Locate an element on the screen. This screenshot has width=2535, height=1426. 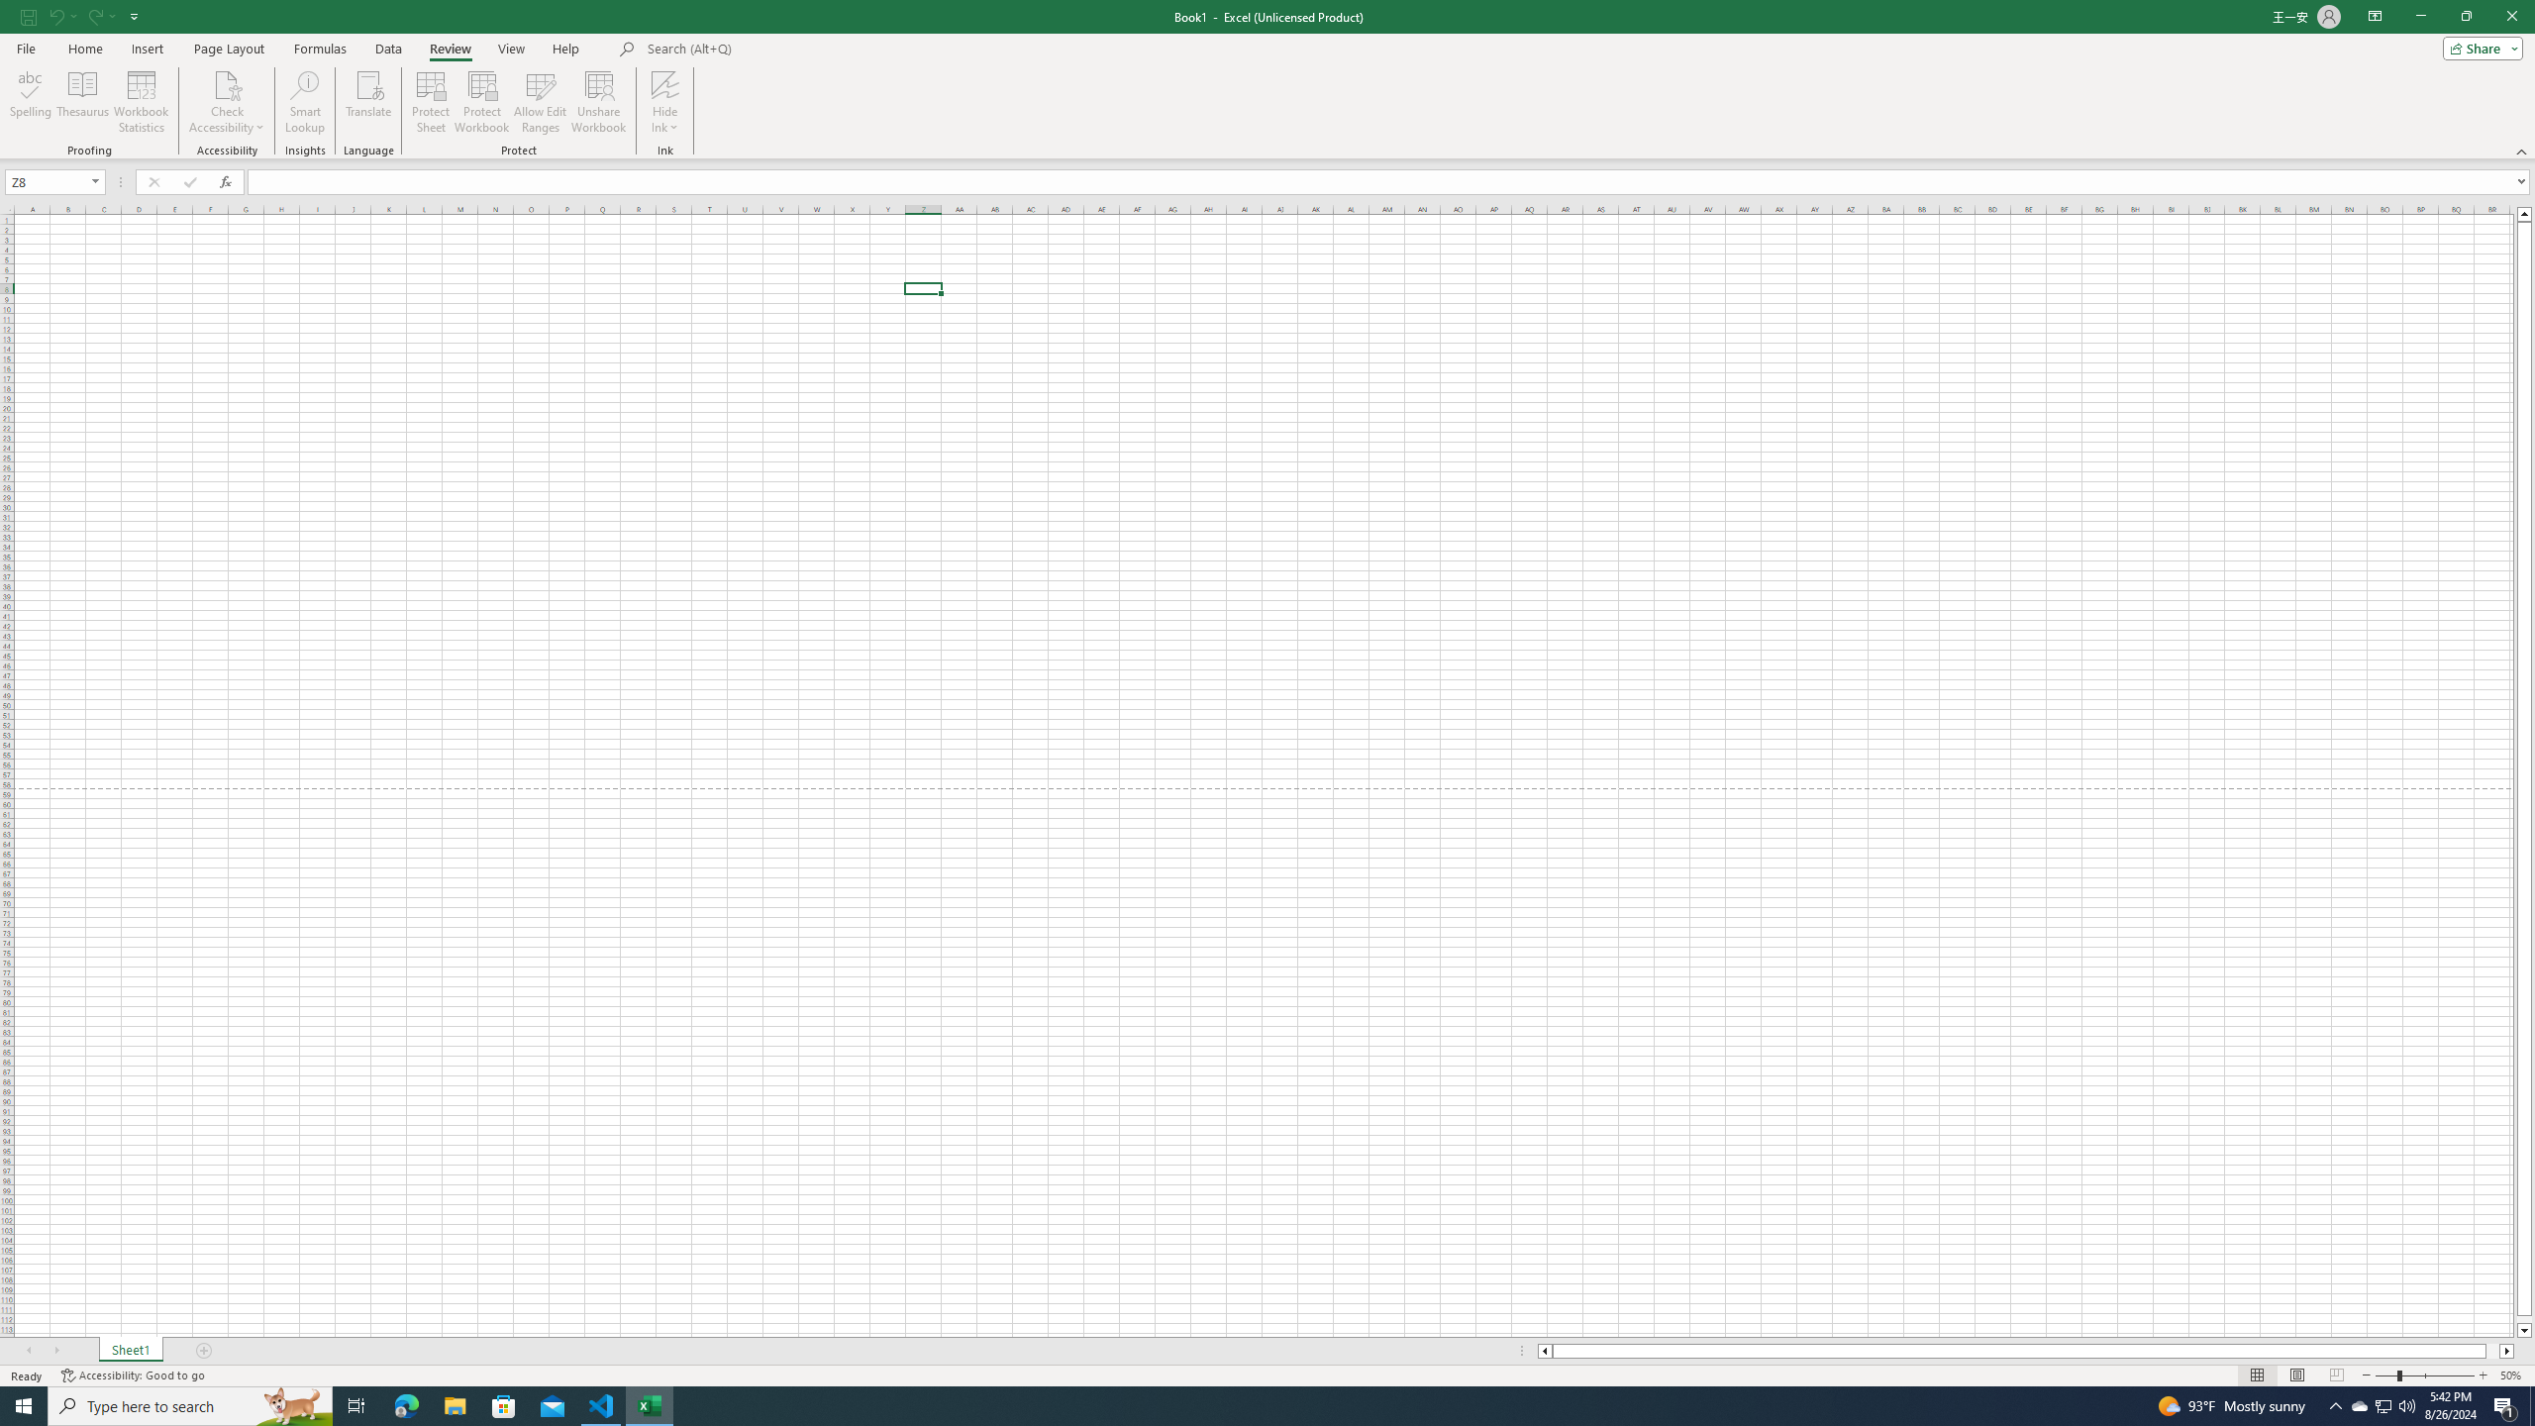
'Workbook Statistics' is located at coordinates (141, 102).